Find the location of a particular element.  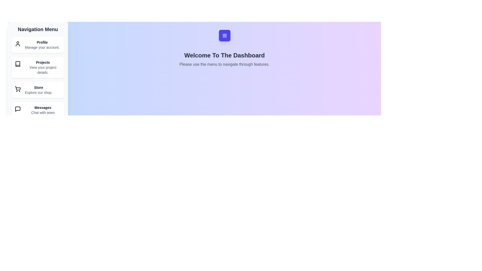

the navigation item Store is located at coordinates (37, 90).